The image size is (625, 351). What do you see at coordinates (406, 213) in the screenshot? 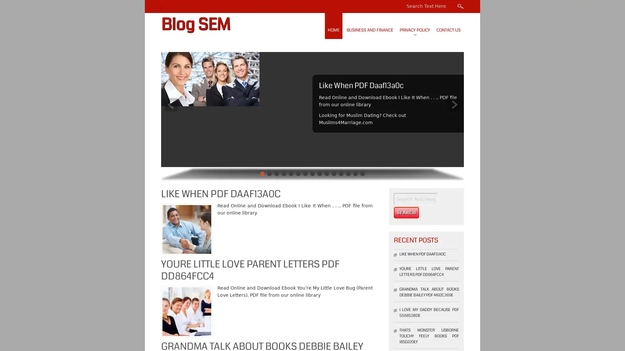
I see `Search` at bounding box center [406, 213].